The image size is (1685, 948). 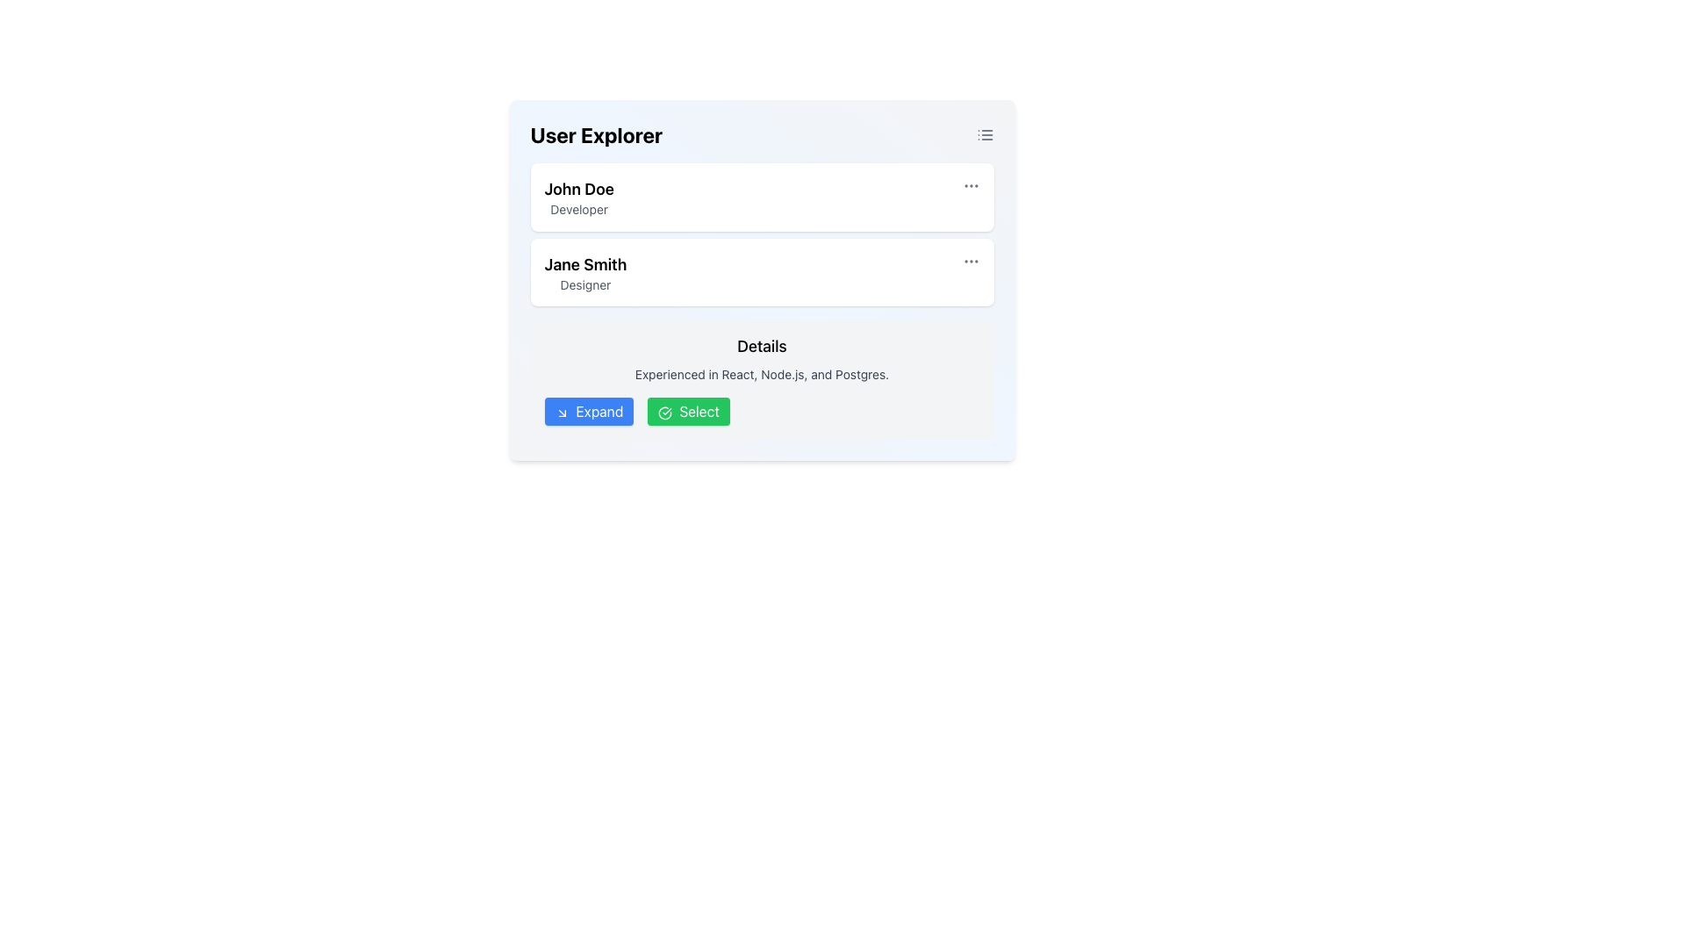 I want to click on the text label displaying 'John Doe' in bold, large font, so click(x=579, y=190).